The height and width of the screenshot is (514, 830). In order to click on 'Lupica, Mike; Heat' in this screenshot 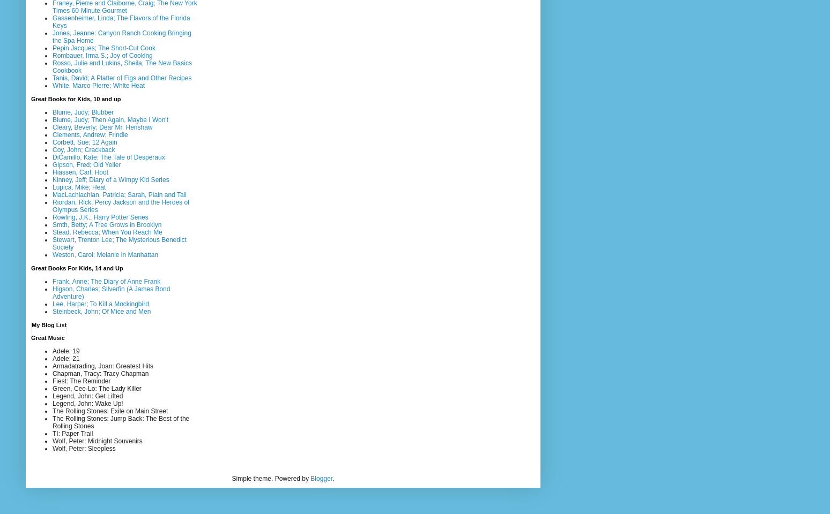, I will do `click(79, 186)`.